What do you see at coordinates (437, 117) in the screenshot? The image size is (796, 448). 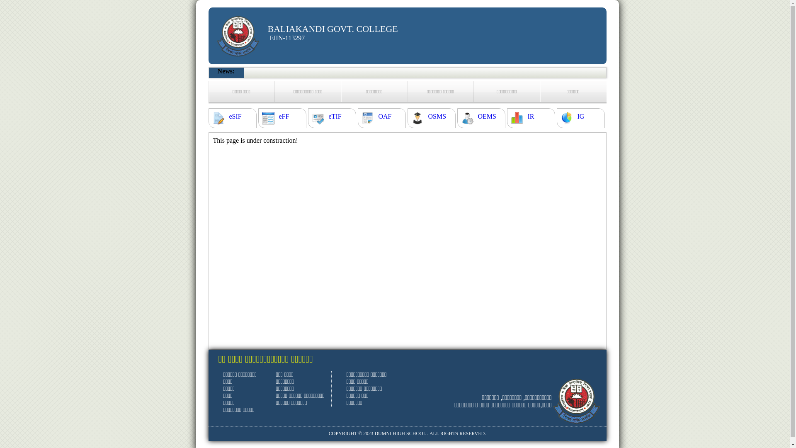 I see `'OSMS'` at bounding box center [437, 117].